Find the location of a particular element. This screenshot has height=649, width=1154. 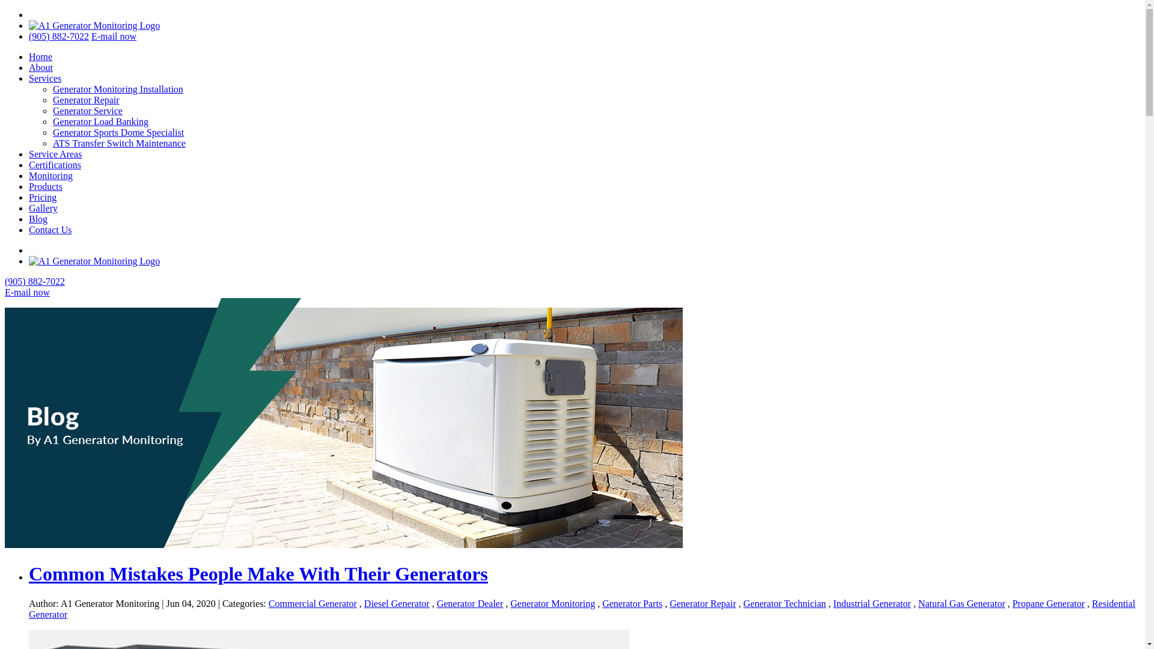

'Common Mistakes People Make With Their Generators' is located at coordinates (258, 573).